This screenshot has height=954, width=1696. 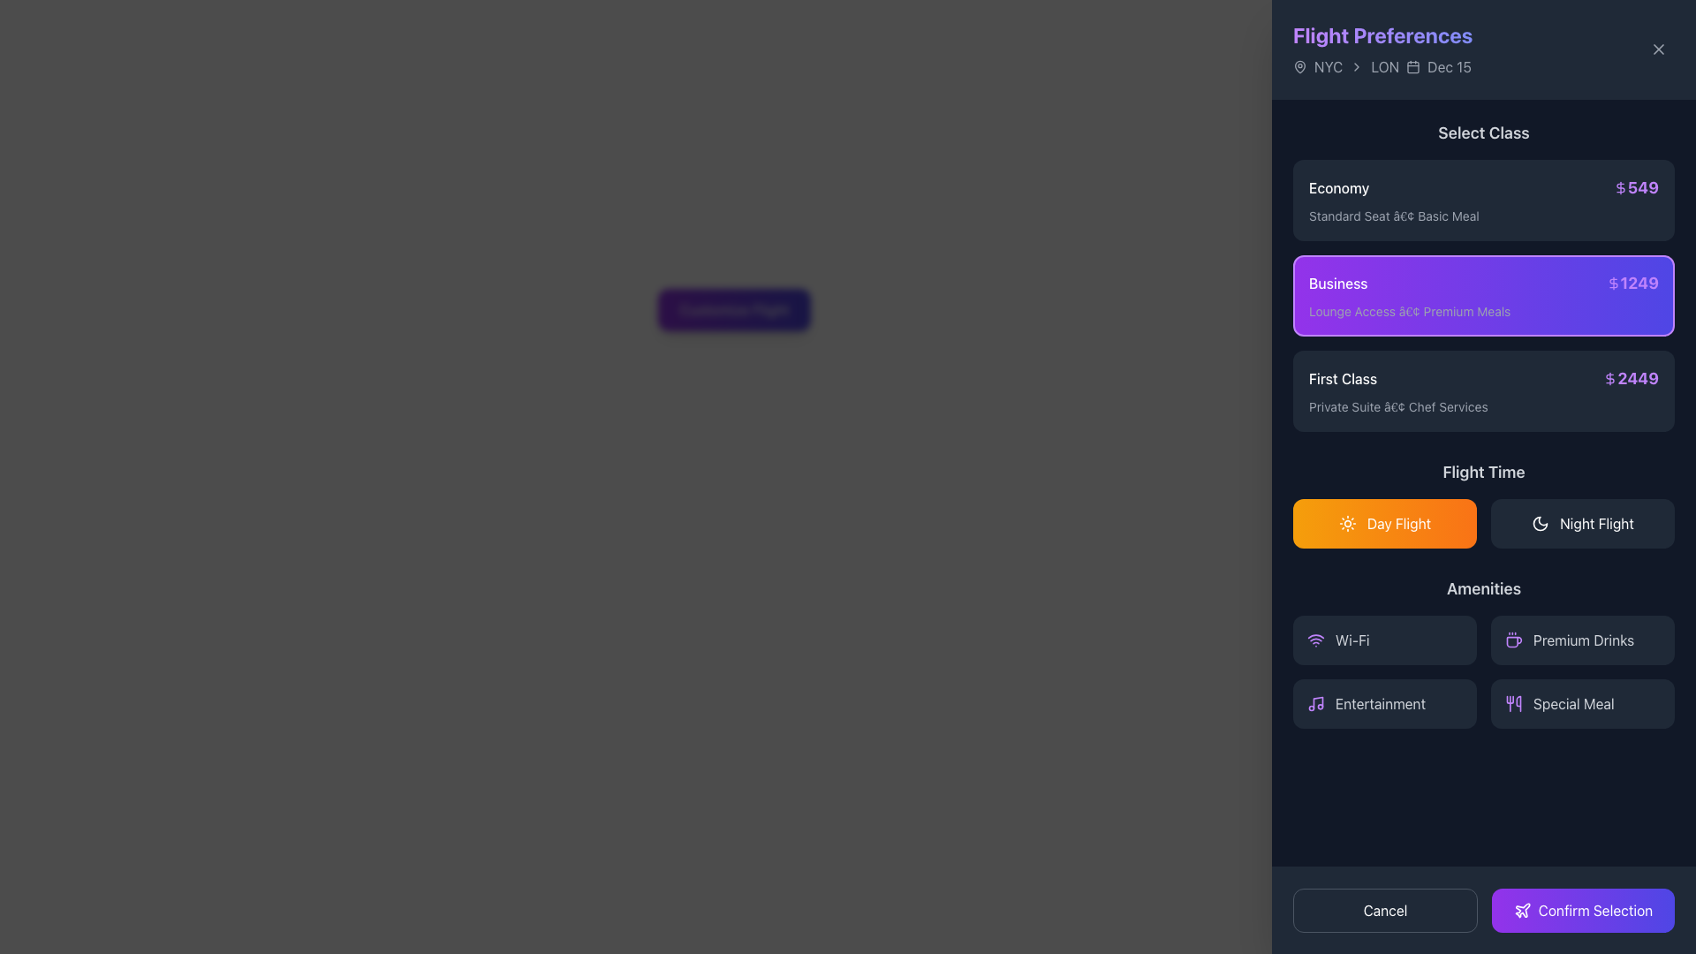 What do you see at coordinates (1635, 187) in the screenshot?
I see `the price display element for the 'Economy' class option in the flight selection menu, located within the 'Economy' section` at bounding box center [1635, 187].